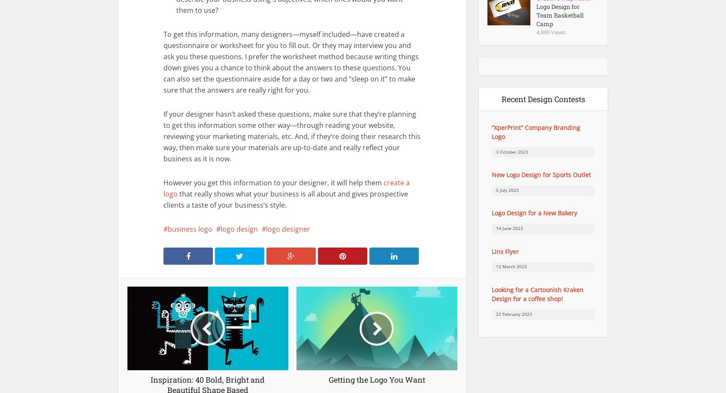  Describe the element at coordinates (506, 189) in the screenshot. I see `'5 July 2023'` at that location.